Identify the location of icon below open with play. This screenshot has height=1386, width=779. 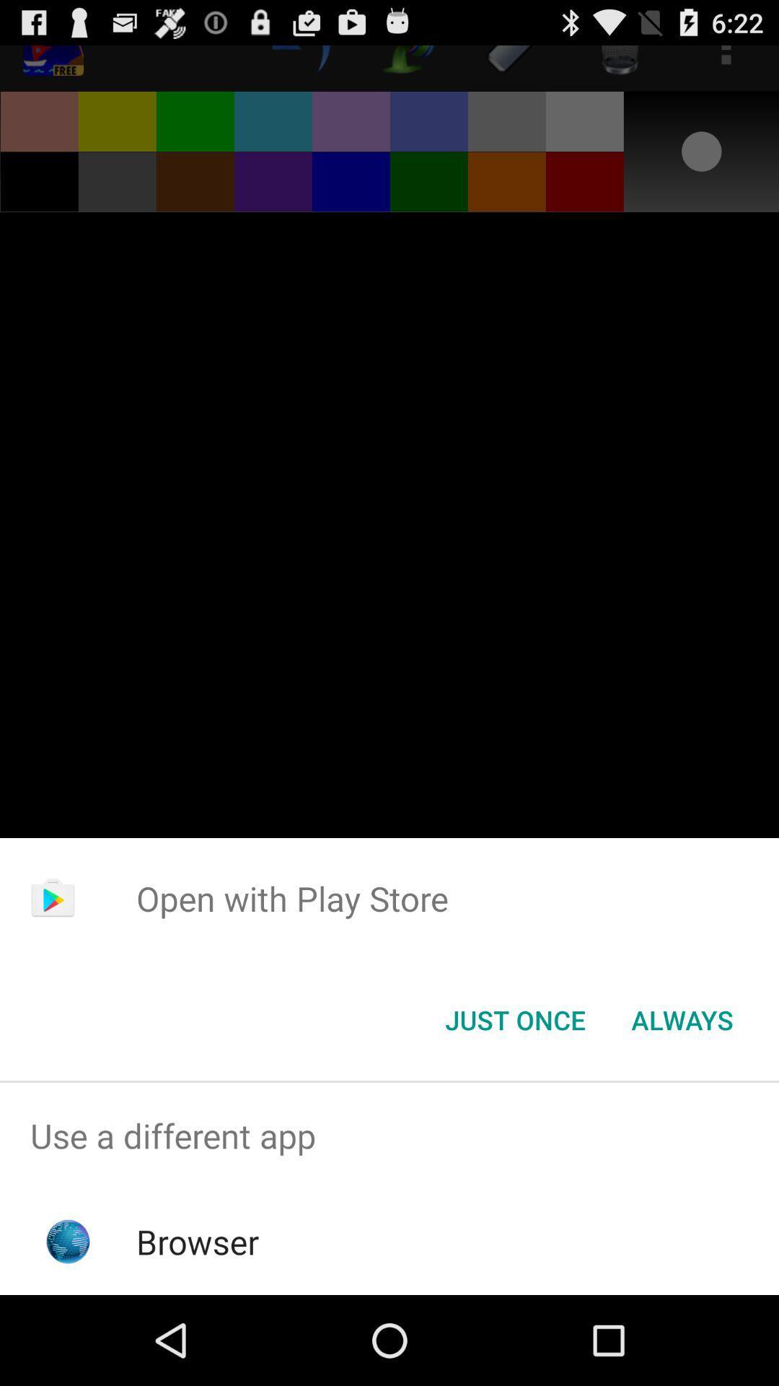
(514, 1019).